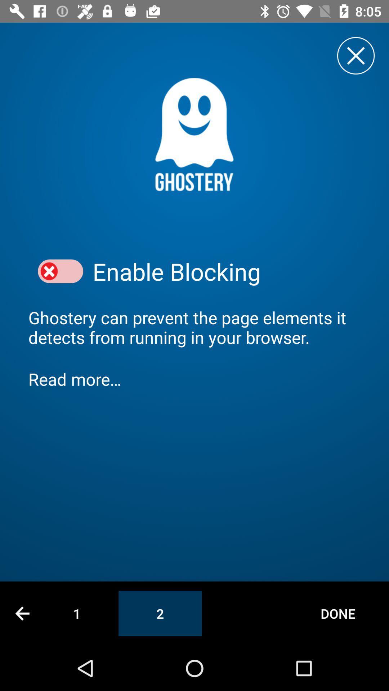 This screenshot has height=691, width=389. What do you see at coordinates (160, 613) in the screenshot?
I see `the item next to 1 item` at bounding box center [160, 613].